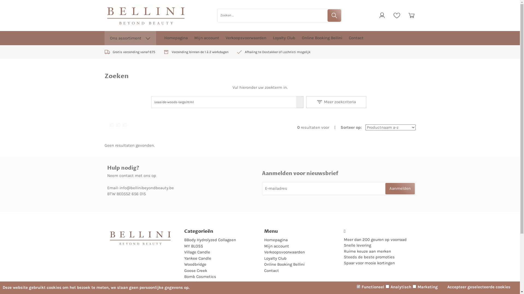 This screenshot has width=524, height=294. Describe the element at coordinates (245, 38) in the screenshot. I see `'Verkoopsvoorwaarden'` at that location.